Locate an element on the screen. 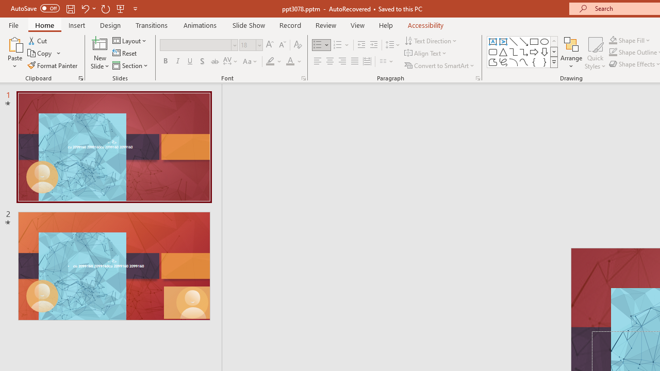 The image size is (660, 371). 'Connector: Elbow' is located at coordinates (513, 52).